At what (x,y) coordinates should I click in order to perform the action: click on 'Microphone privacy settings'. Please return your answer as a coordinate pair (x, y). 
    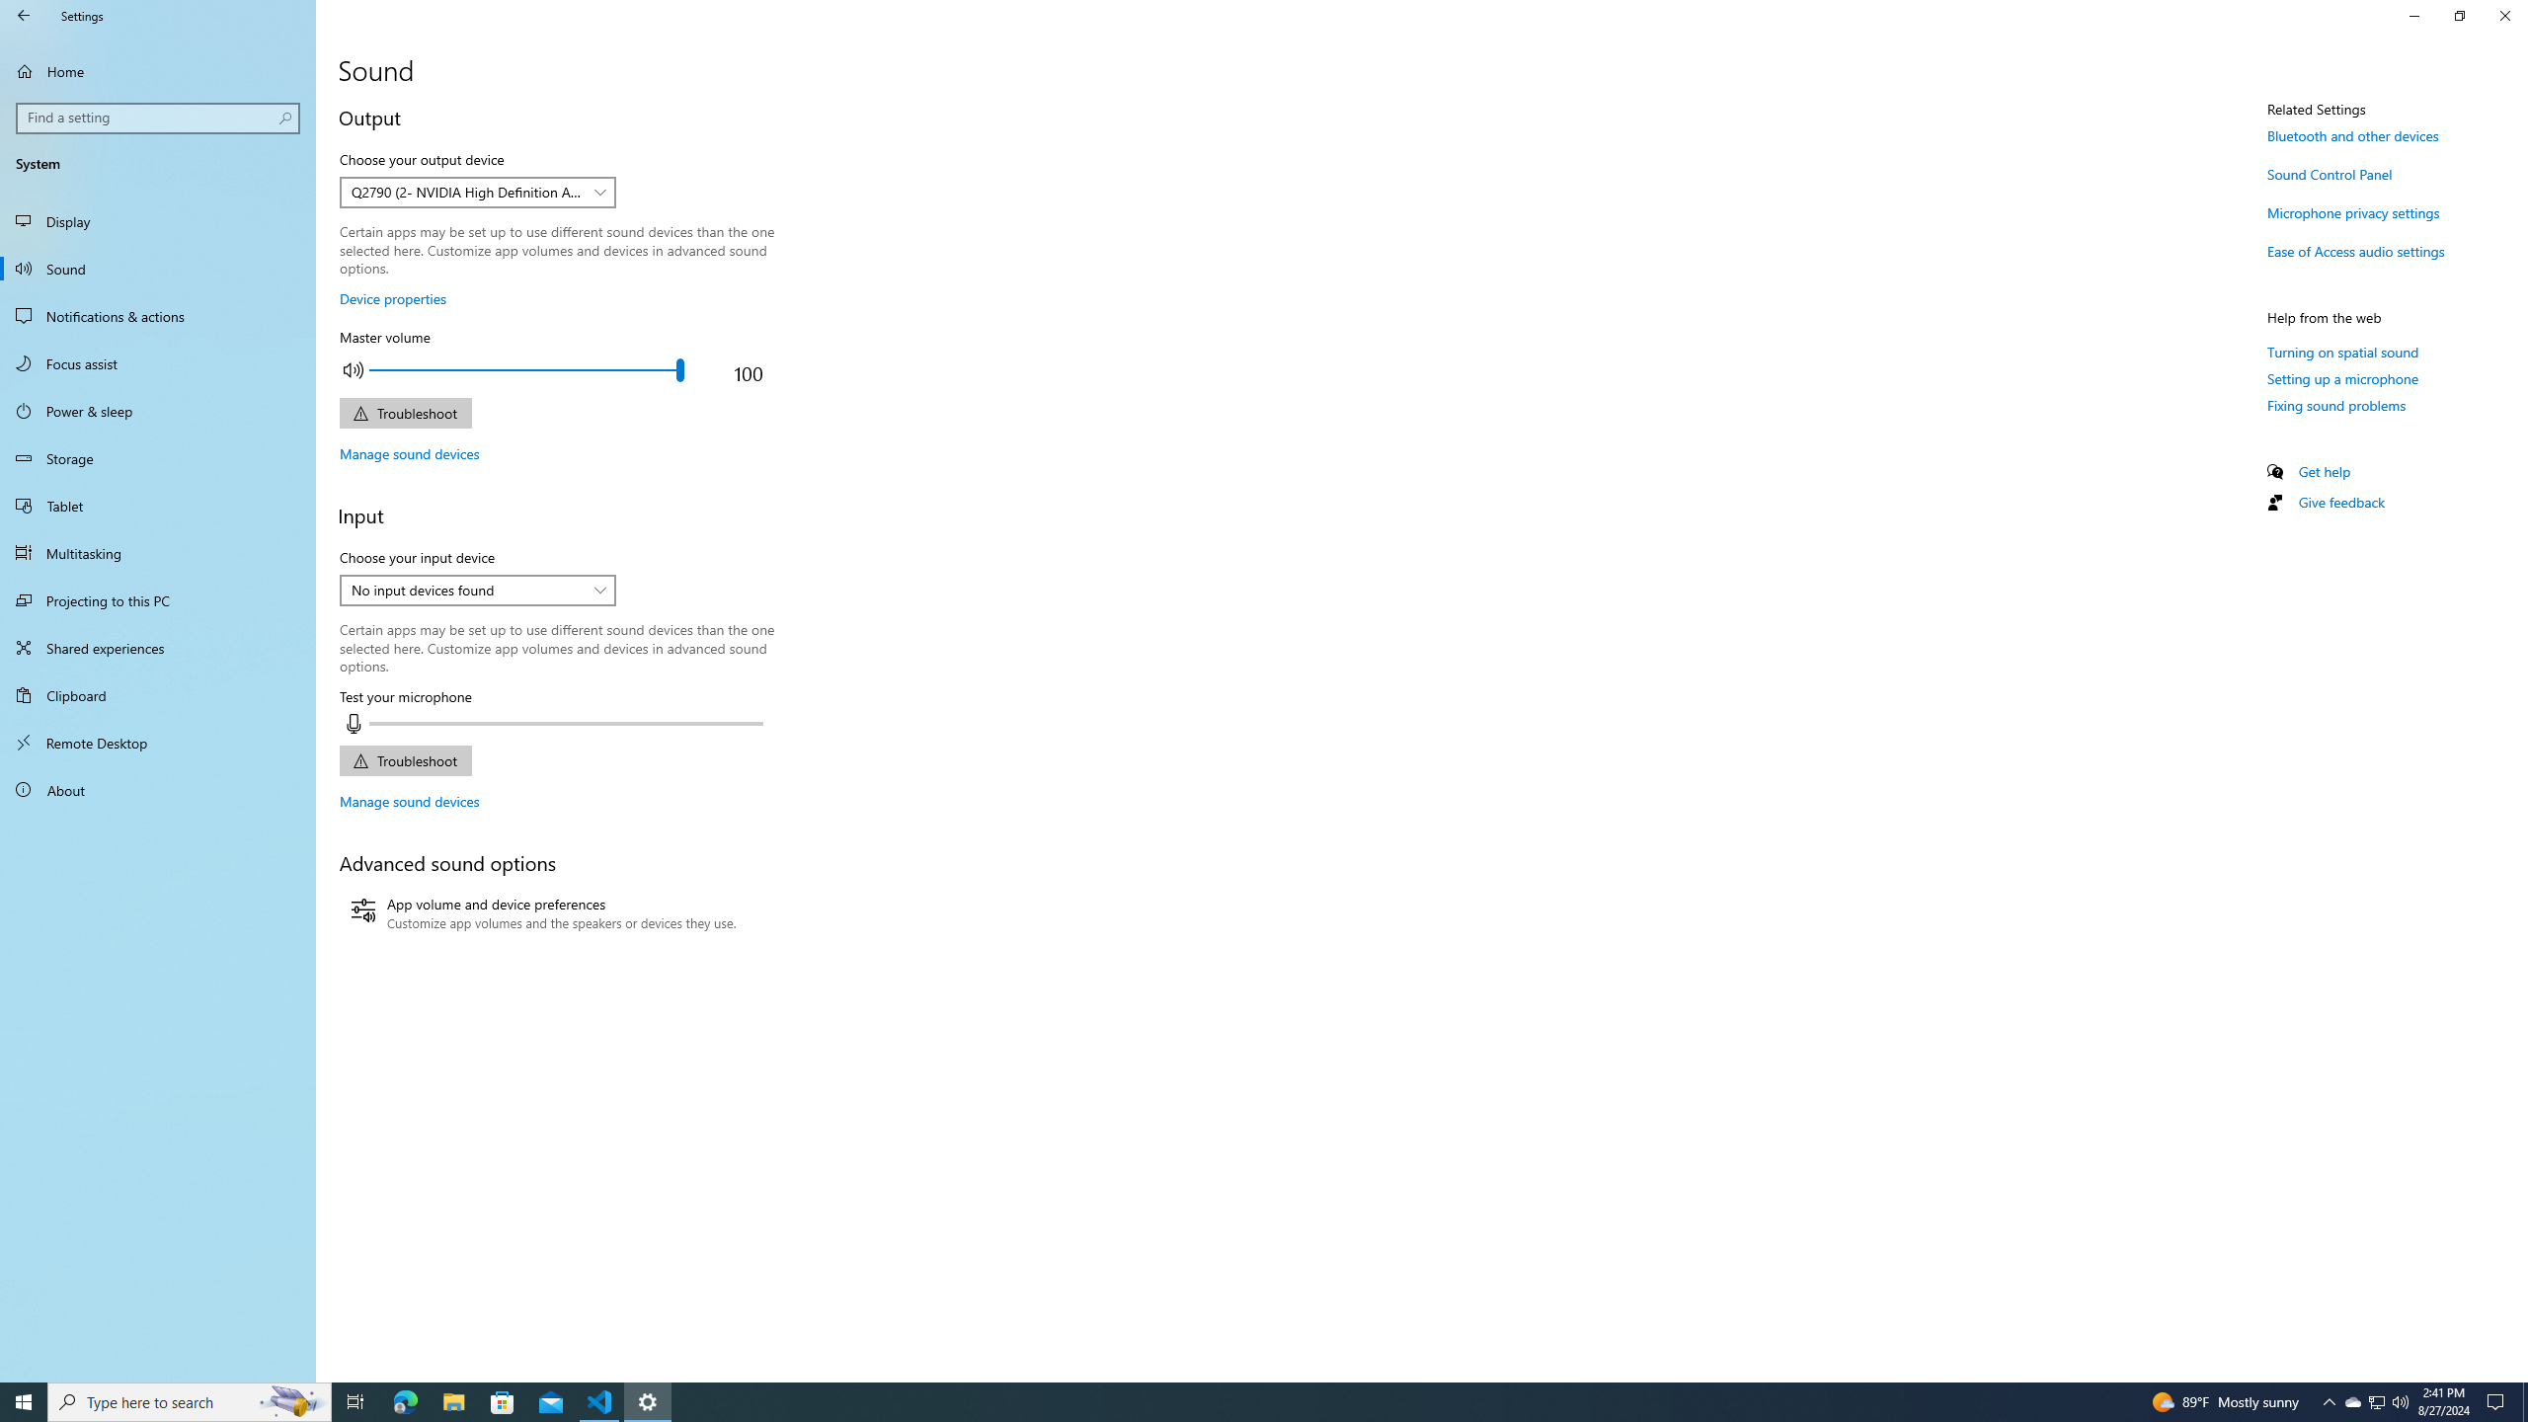
    Looking at the image, I should click on (2352, 211).